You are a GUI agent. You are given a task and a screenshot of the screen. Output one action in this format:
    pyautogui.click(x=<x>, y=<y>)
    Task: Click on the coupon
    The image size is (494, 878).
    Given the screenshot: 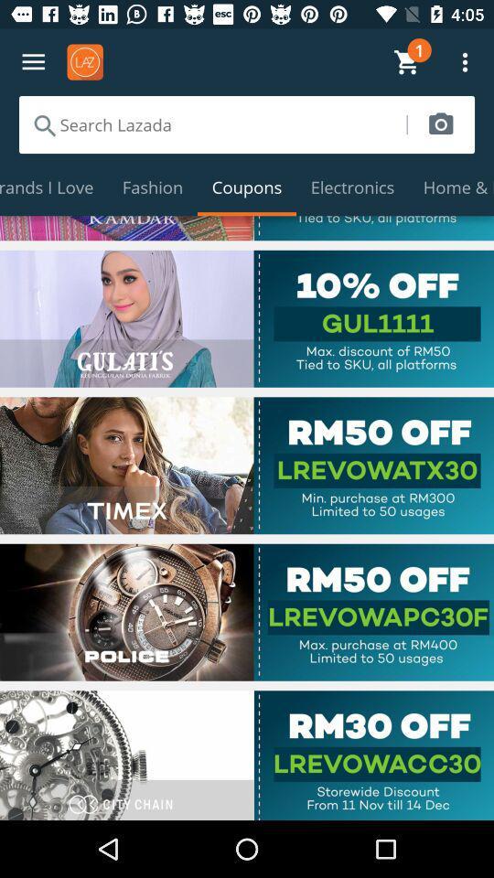 What is the action you would take?
    pyautogui.click(x=247, y=612)
    